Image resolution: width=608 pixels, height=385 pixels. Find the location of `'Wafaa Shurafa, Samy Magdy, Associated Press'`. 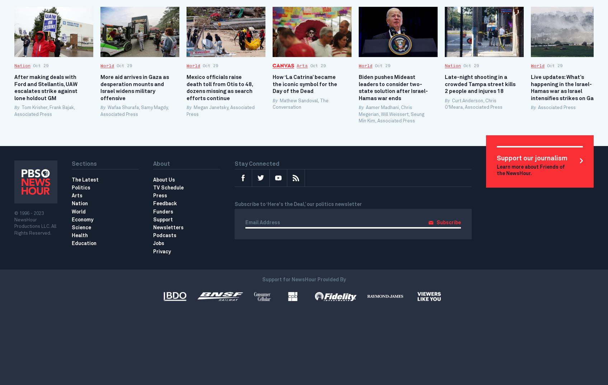

'Wafaa Shurafa, Samy Magdy, Associated Press' is located at coordinates (100, 111).